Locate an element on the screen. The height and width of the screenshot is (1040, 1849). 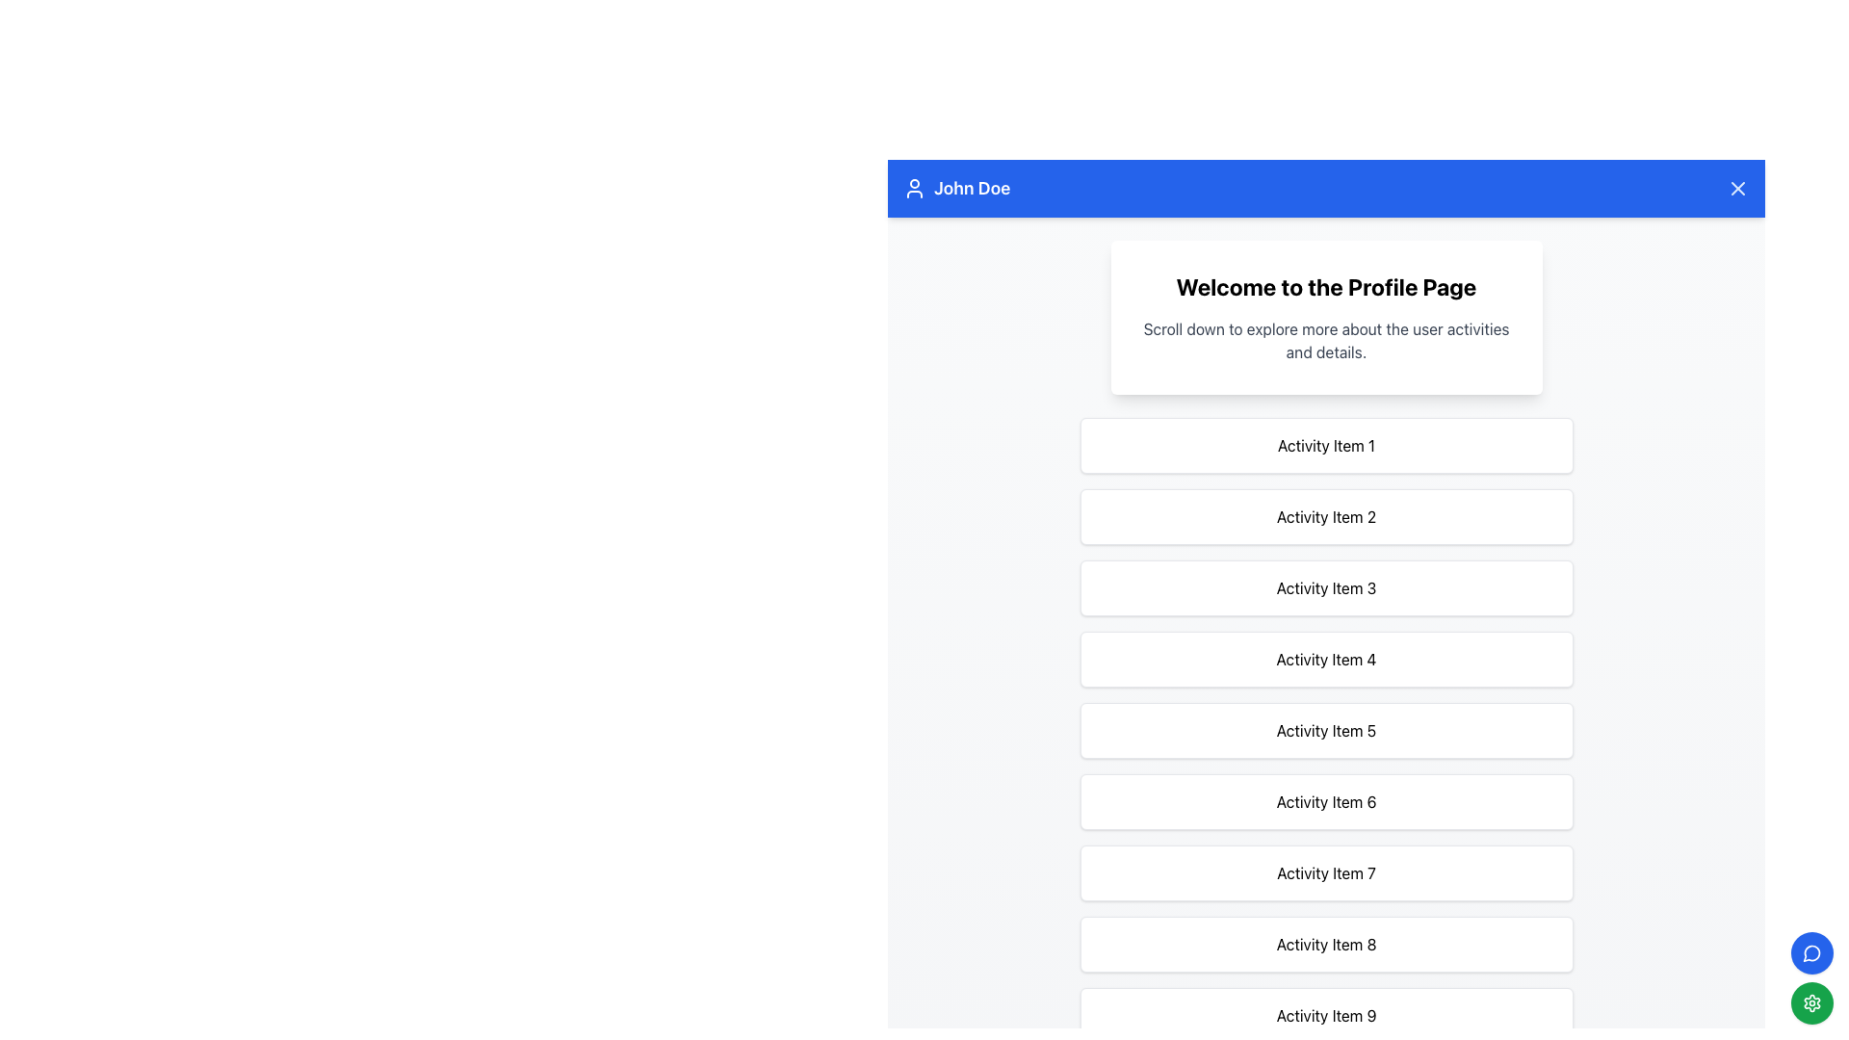
the Static information card labeled 'Activity Item 1', which is the first card in a list and has a white background with rounded corners is located at coordinates (1325, 445).